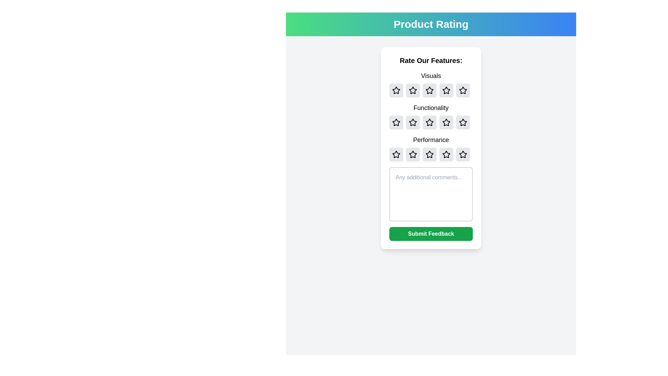 Image resolution: width=668 pixels, height=376 pixels. Describe the element at coordinates (430, 90) in the screenshot. I see `the third star icon in the five-star rating system for the 'Visuals' category to rate it` at that location.